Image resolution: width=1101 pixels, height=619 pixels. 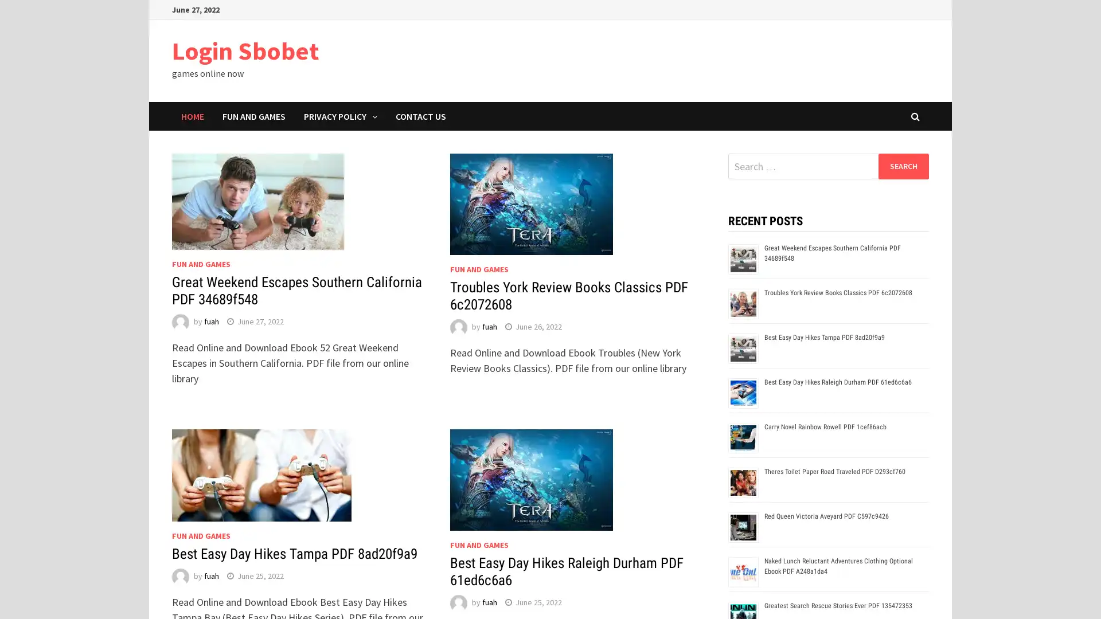 I want to click on Search, so click(x=903, y=166).